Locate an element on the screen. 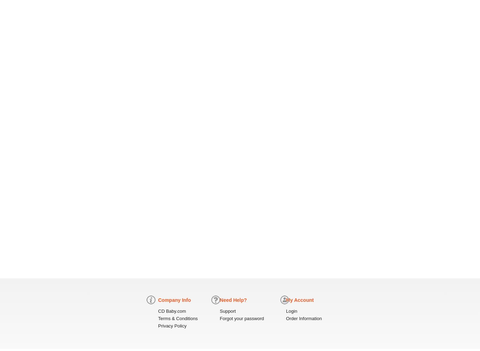 Image resolution: width=480 pixels, height=351 pixels. 'Privacy Policy' is located at coordinates (157, 326).